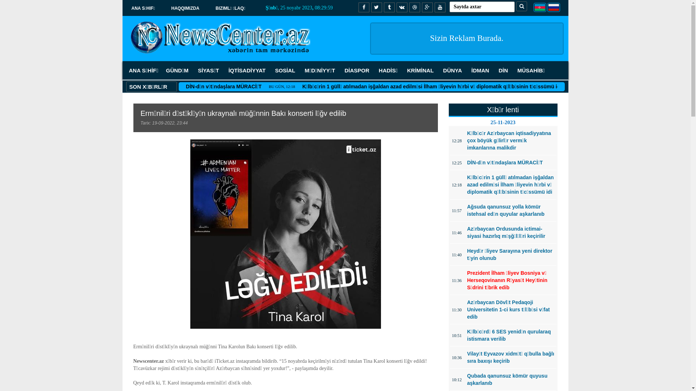 The width and height of the screenshot is (696, 391). What do you see at coordinates (185, 8) in the screenshot?
I see `'HAQQIMIZDA'` at bounding box center [185, 8].